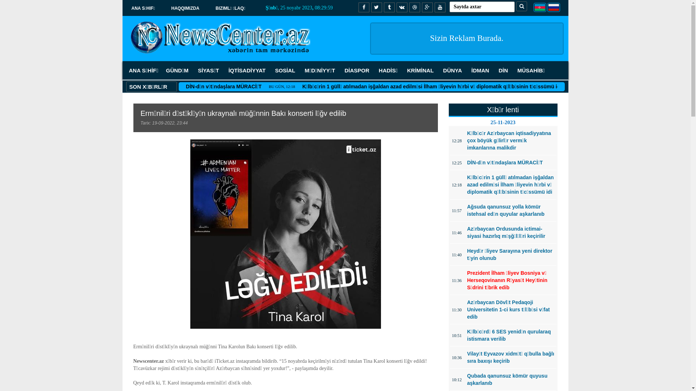 The width and height of the screenshot is (696, 391). What do you see at coordinates (185, 8) in the screenshot?
I see `'HAQQIMIZDA'` at bounding box center [185, 8].